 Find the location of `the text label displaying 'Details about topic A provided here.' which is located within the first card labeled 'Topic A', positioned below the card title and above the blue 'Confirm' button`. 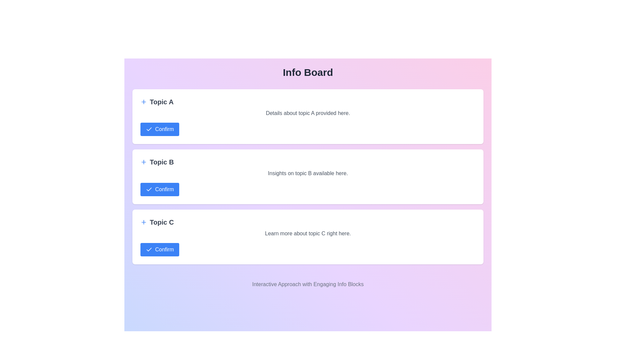

the text label displaying 'Details about topic A provided here.' which is located within the first card labeled 'Topic A', positioned below the card title and above the blue 'Confirm' button is located at coordinates (308, 113).